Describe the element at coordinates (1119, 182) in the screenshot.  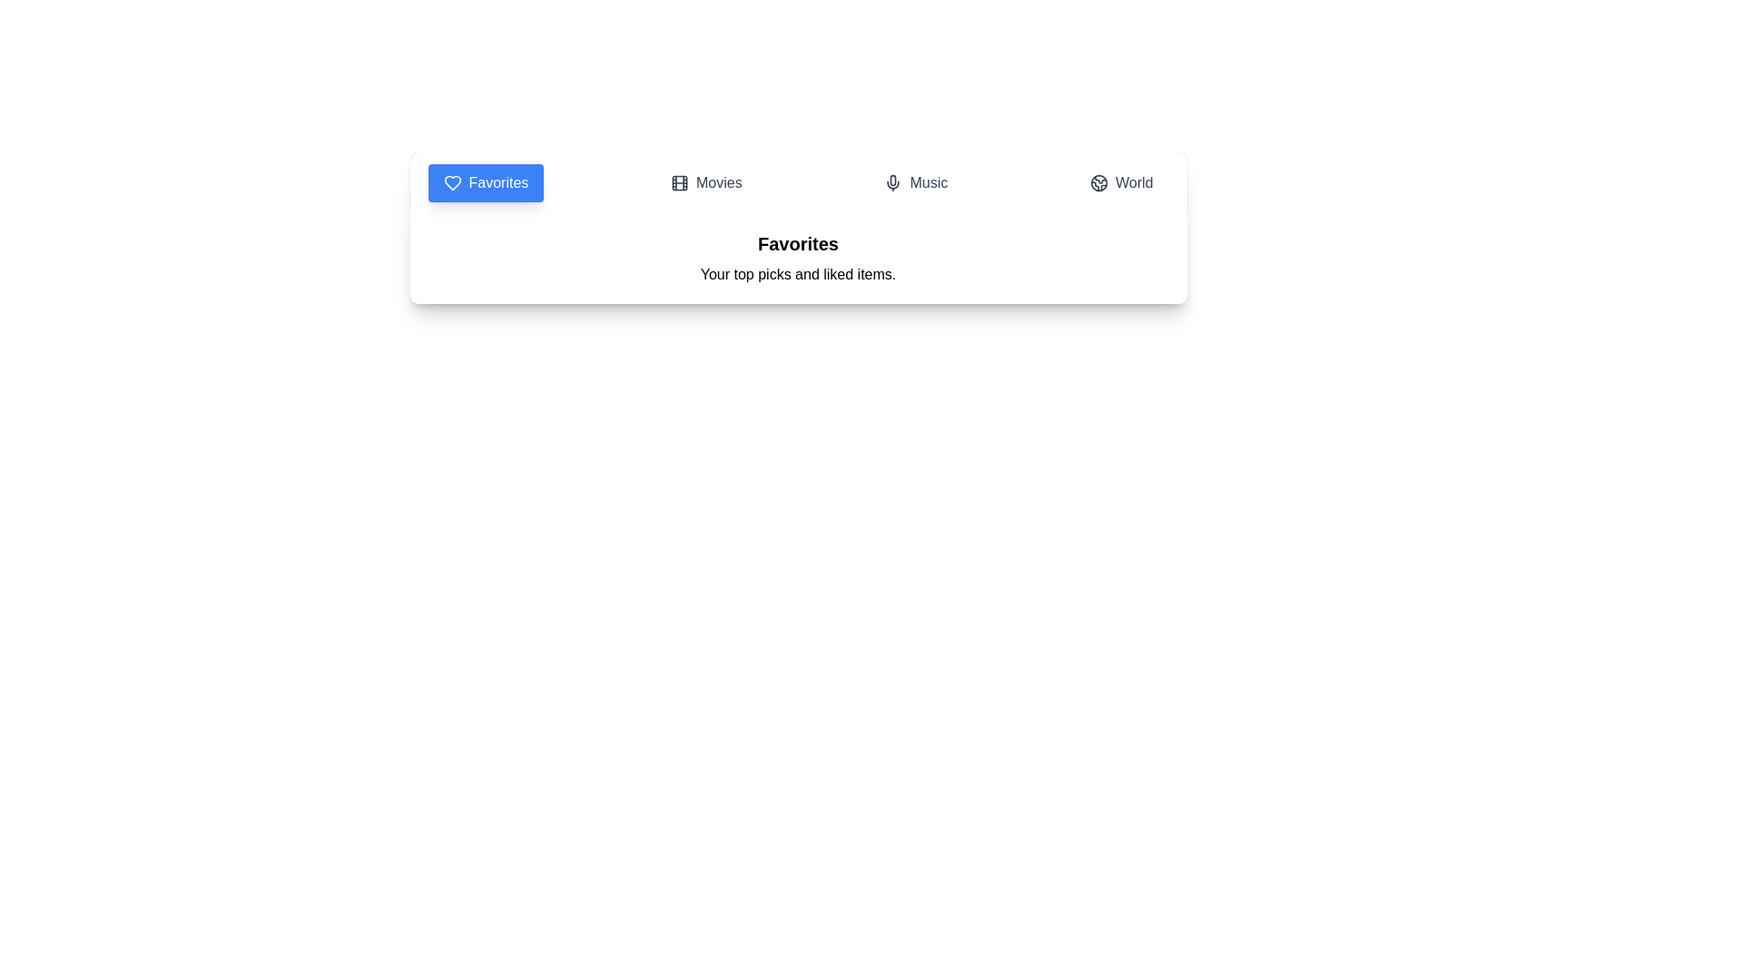
I see `the World tab to inspect its appearance` at that location.